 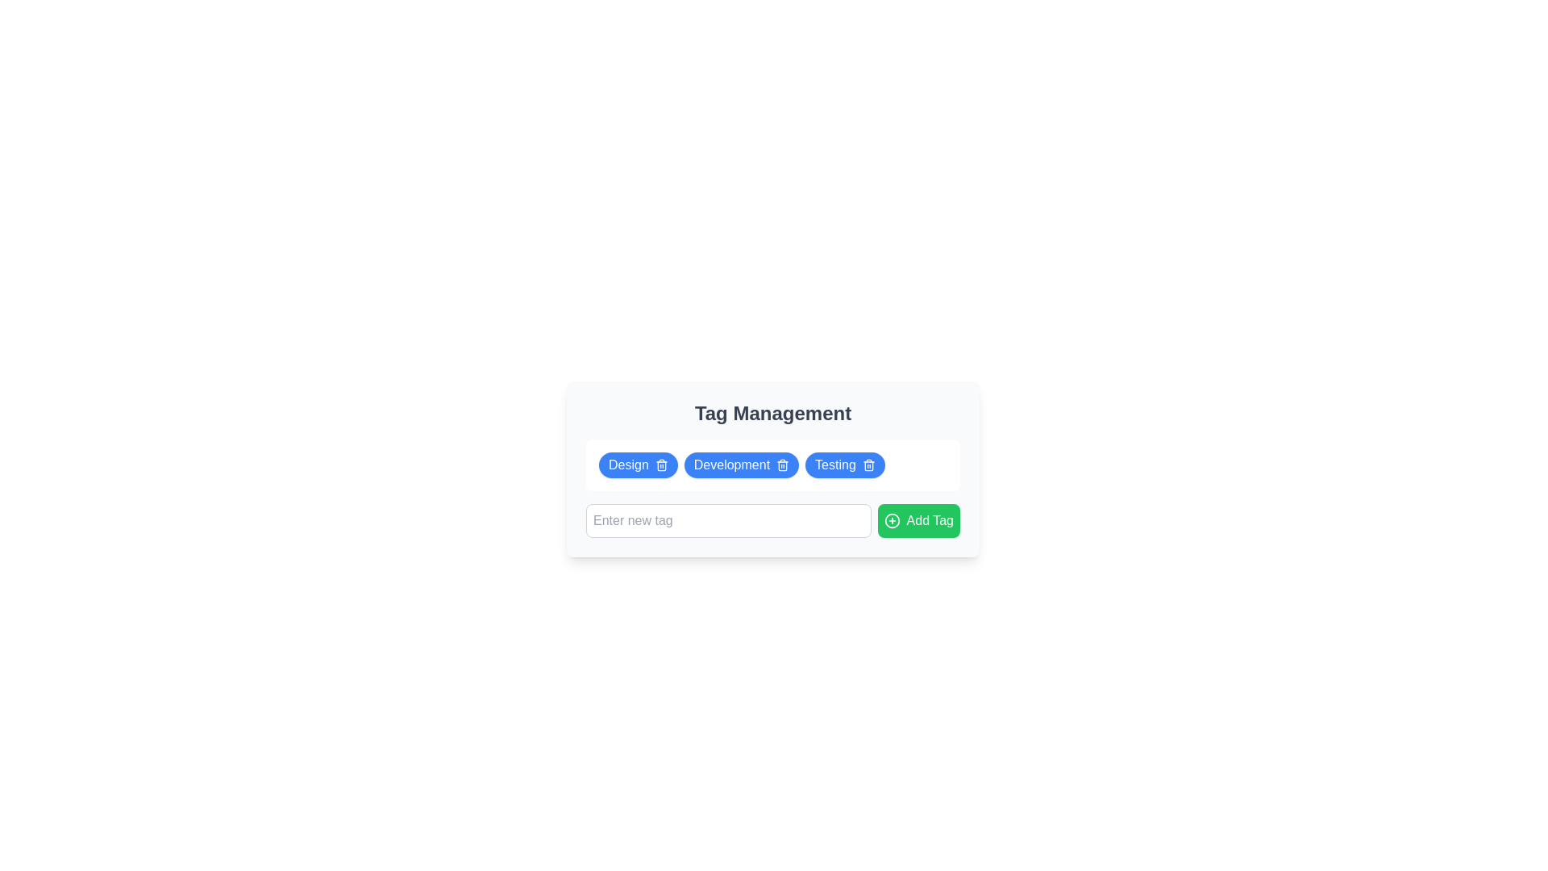 What do you see at coordinates (627, 465) in the screenshot?
I see `the 'Design' tag label in the tag management interface` at bounding box center [627, 465].